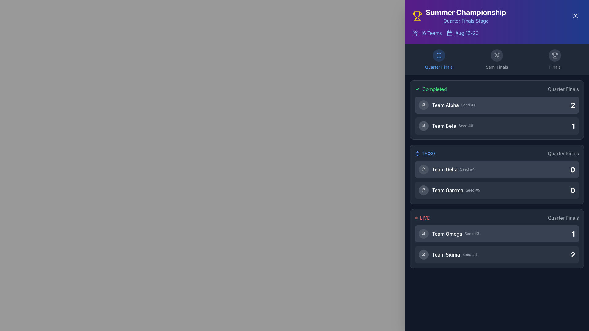 The width and height of the screenshot is (589, 331). What do you see at coordinates (447, 105) in the screenshot?
I see `the first list item in the 'Completed' section of the Quarter Finals, which displays the team's name and seeding information, and includes an icon aligned horizontally with the text` at bounding box center [447, 105].